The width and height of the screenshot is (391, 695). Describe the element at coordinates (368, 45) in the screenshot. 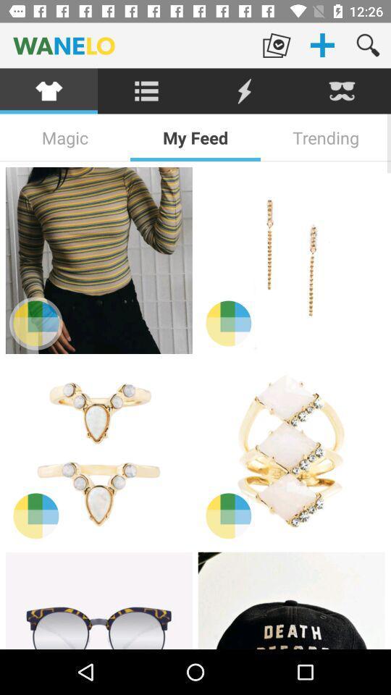

I see `the search icon` at that location.